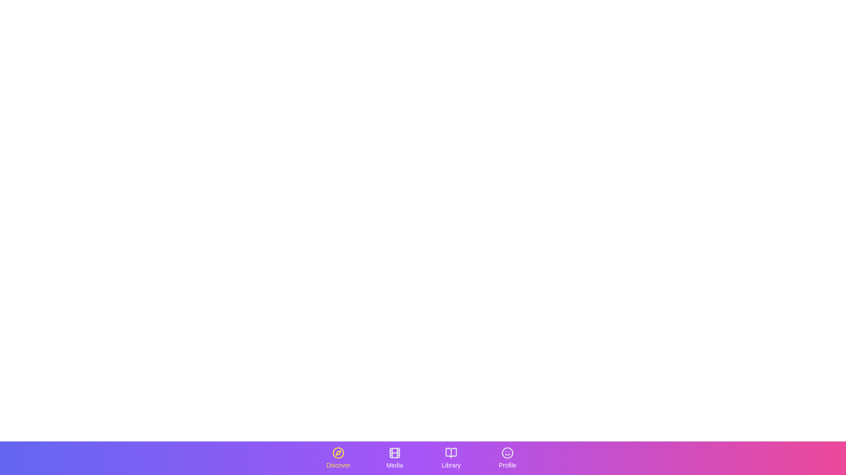 The width and height of the screenshot is (846, 475). I want to click on the tab labeled Discover, so click(338, 457).